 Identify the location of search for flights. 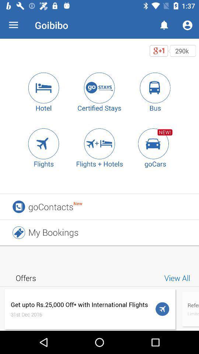
(43, 143).